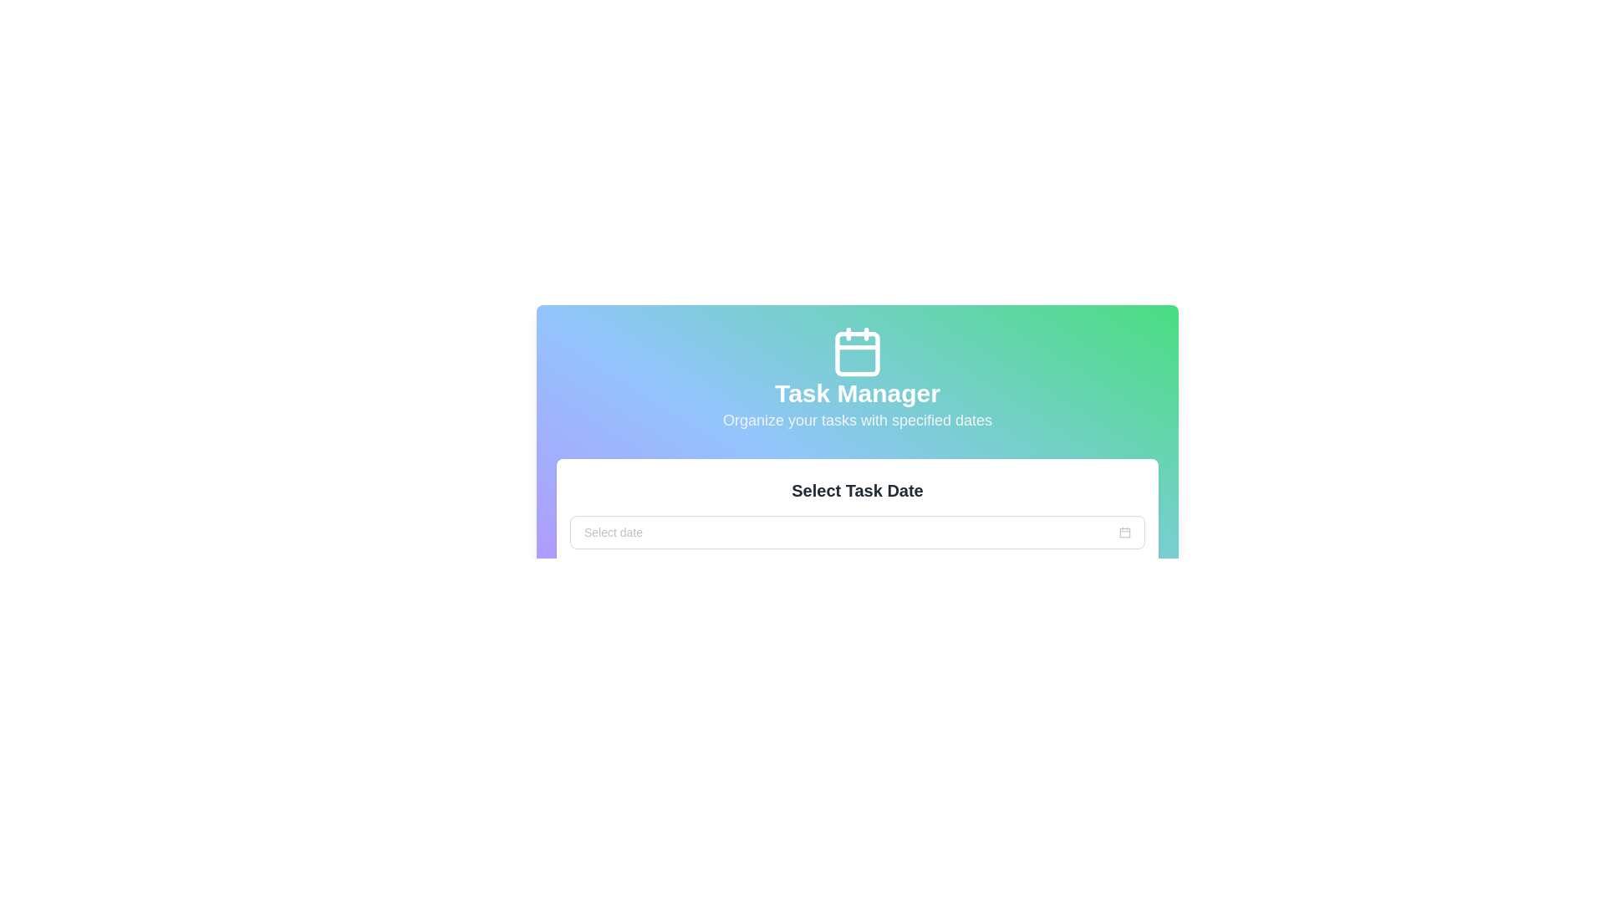 This screenshot has height=903, width=1605. Describe the element at coordinates (1124, 532) in the screenshot. I see `the calendar icon located to the right of the 'Select date' text input field within the 'Select Task Date' panel` at that location.